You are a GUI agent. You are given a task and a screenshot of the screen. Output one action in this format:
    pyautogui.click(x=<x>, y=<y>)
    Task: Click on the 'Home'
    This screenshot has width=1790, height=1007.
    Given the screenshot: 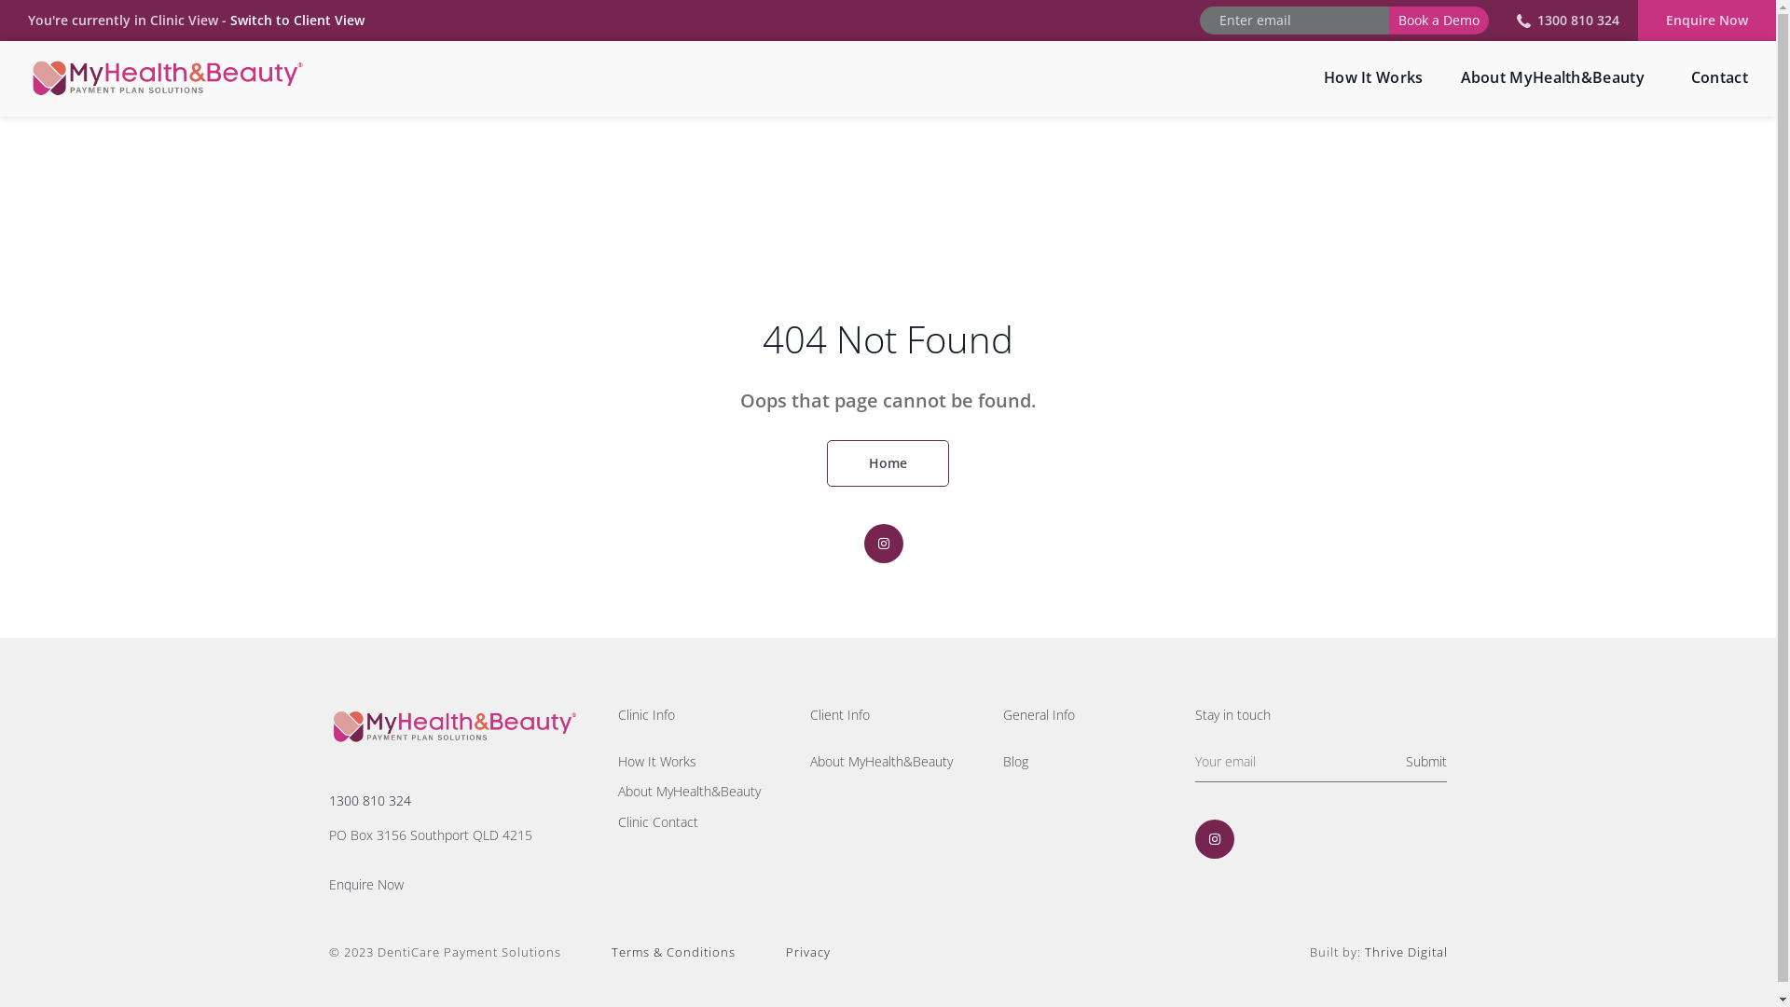 What is the action you would take?
    pyautogui.click(x=826, y=462)
    